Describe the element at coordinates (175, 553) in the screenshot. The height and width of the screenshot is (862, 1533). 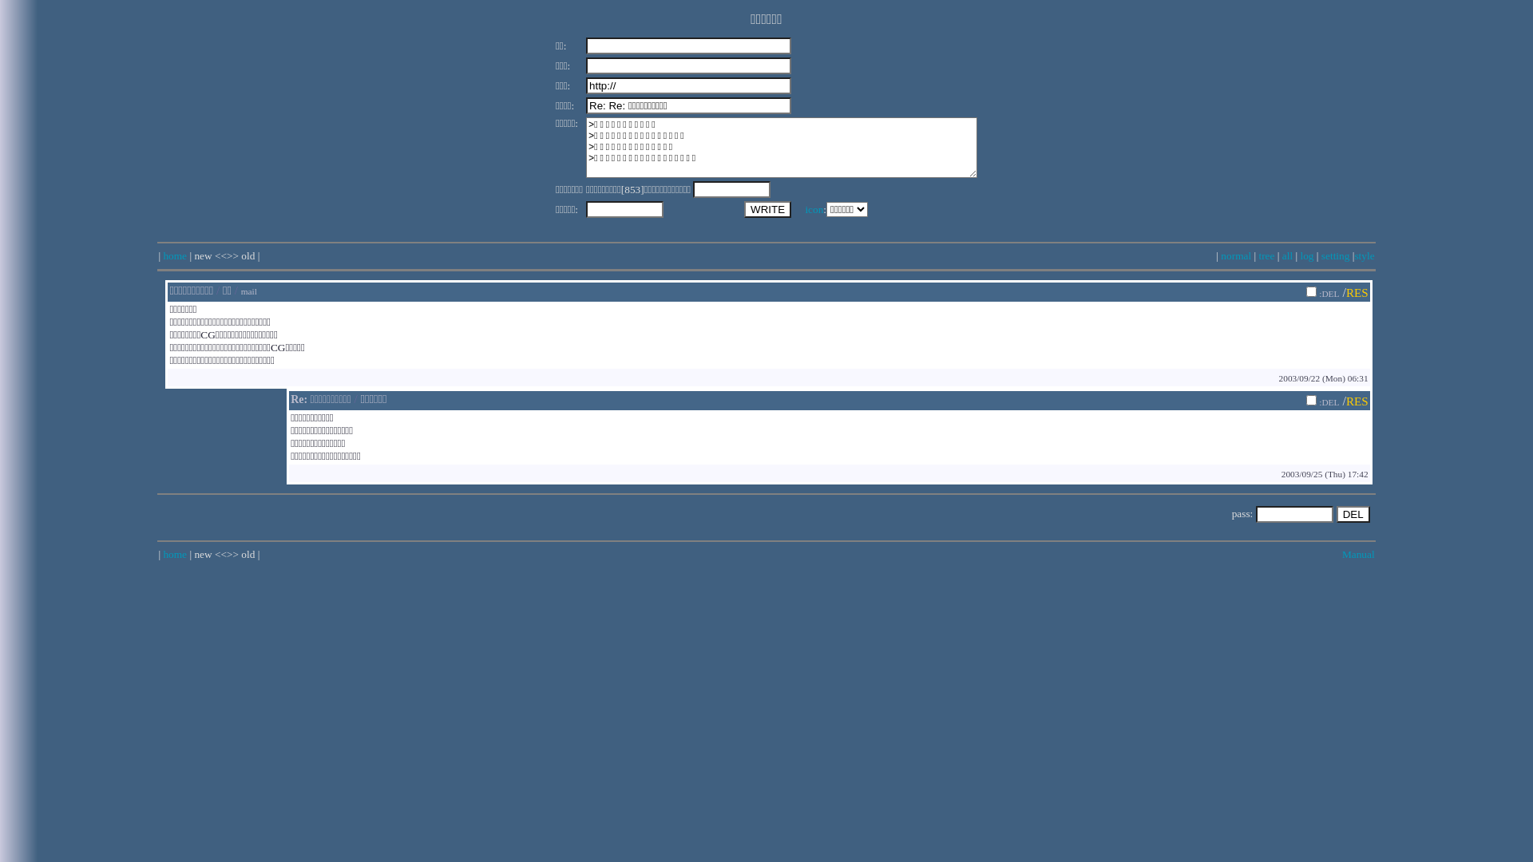
I see `'home'` at that location.